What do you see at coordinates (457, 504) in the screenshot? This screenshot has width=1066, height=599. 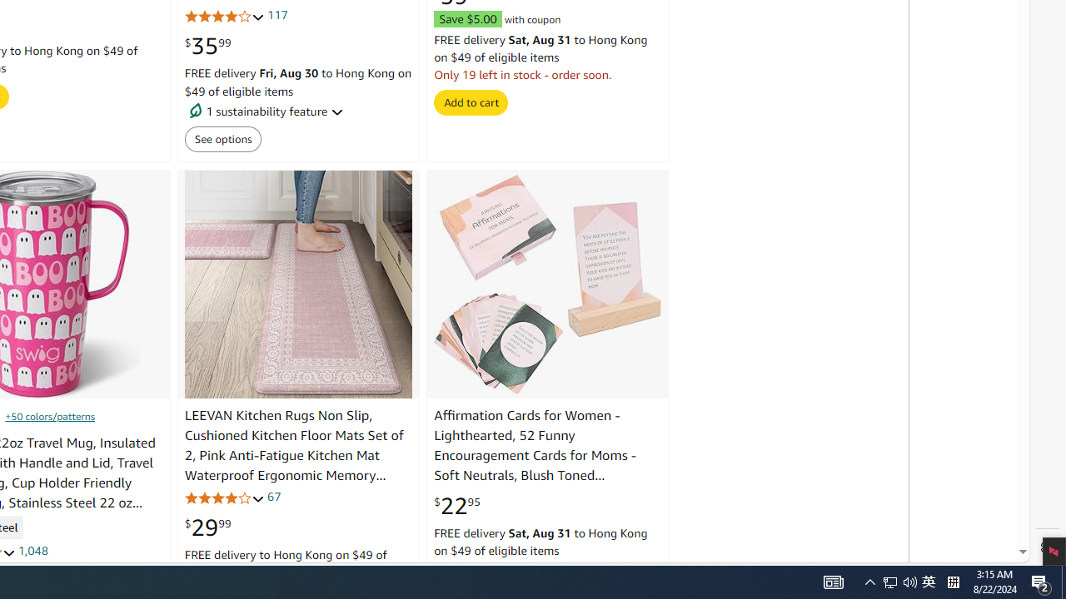 I see `'$22.95'` at bounding box center [457, 504].